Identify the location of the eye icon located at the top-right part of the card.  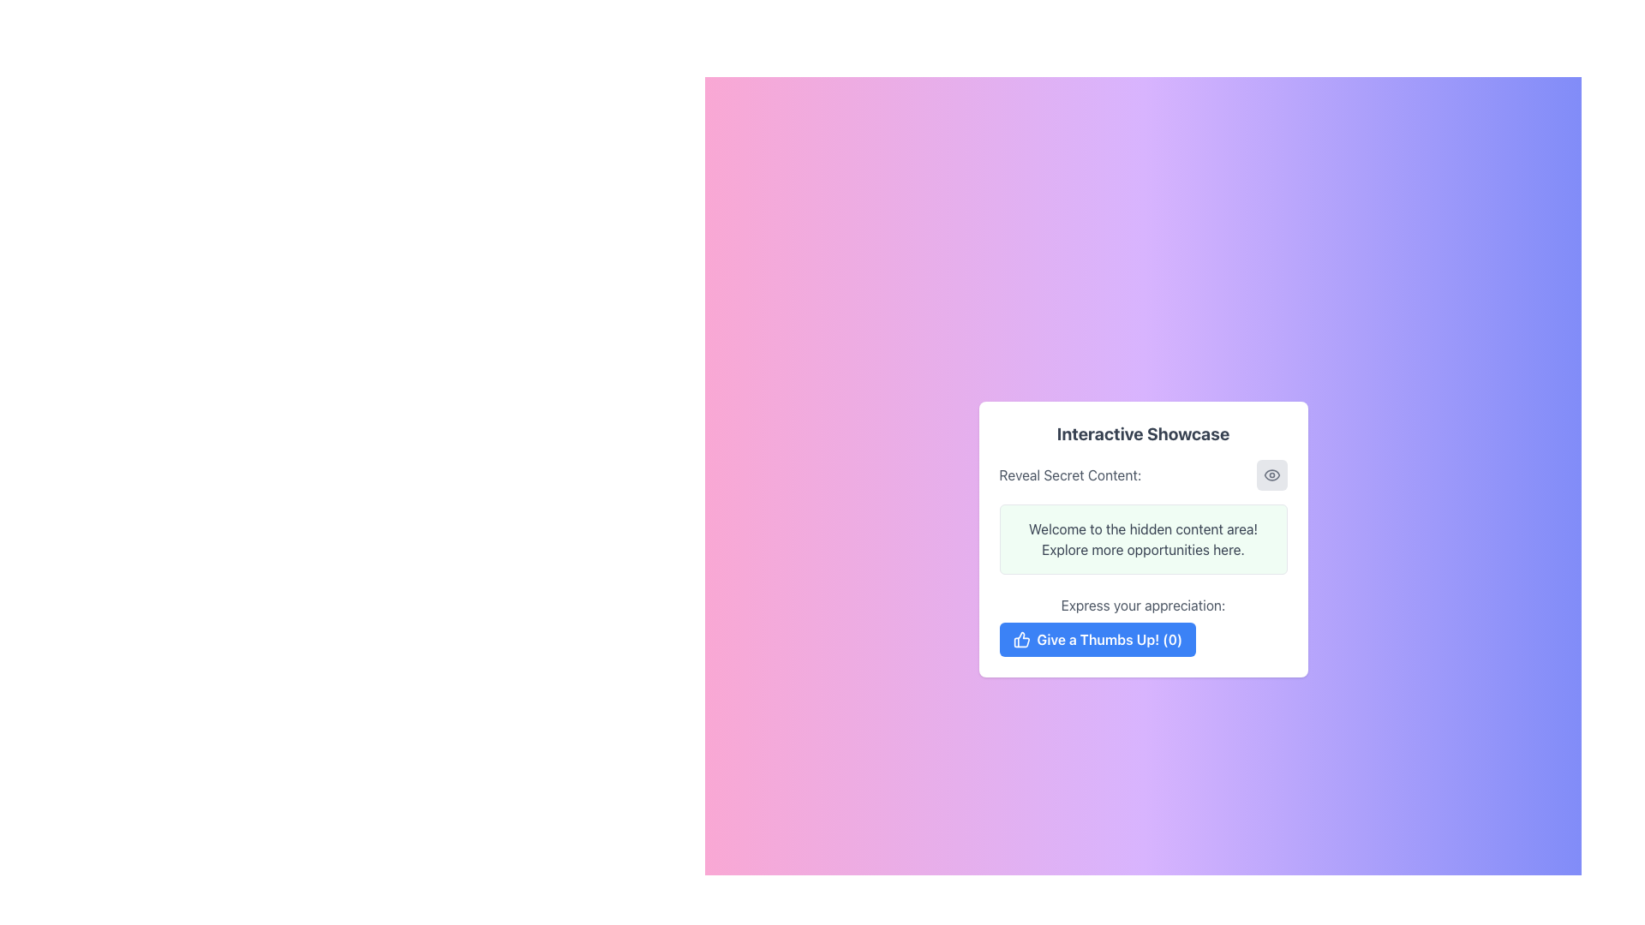
(1271, 475).